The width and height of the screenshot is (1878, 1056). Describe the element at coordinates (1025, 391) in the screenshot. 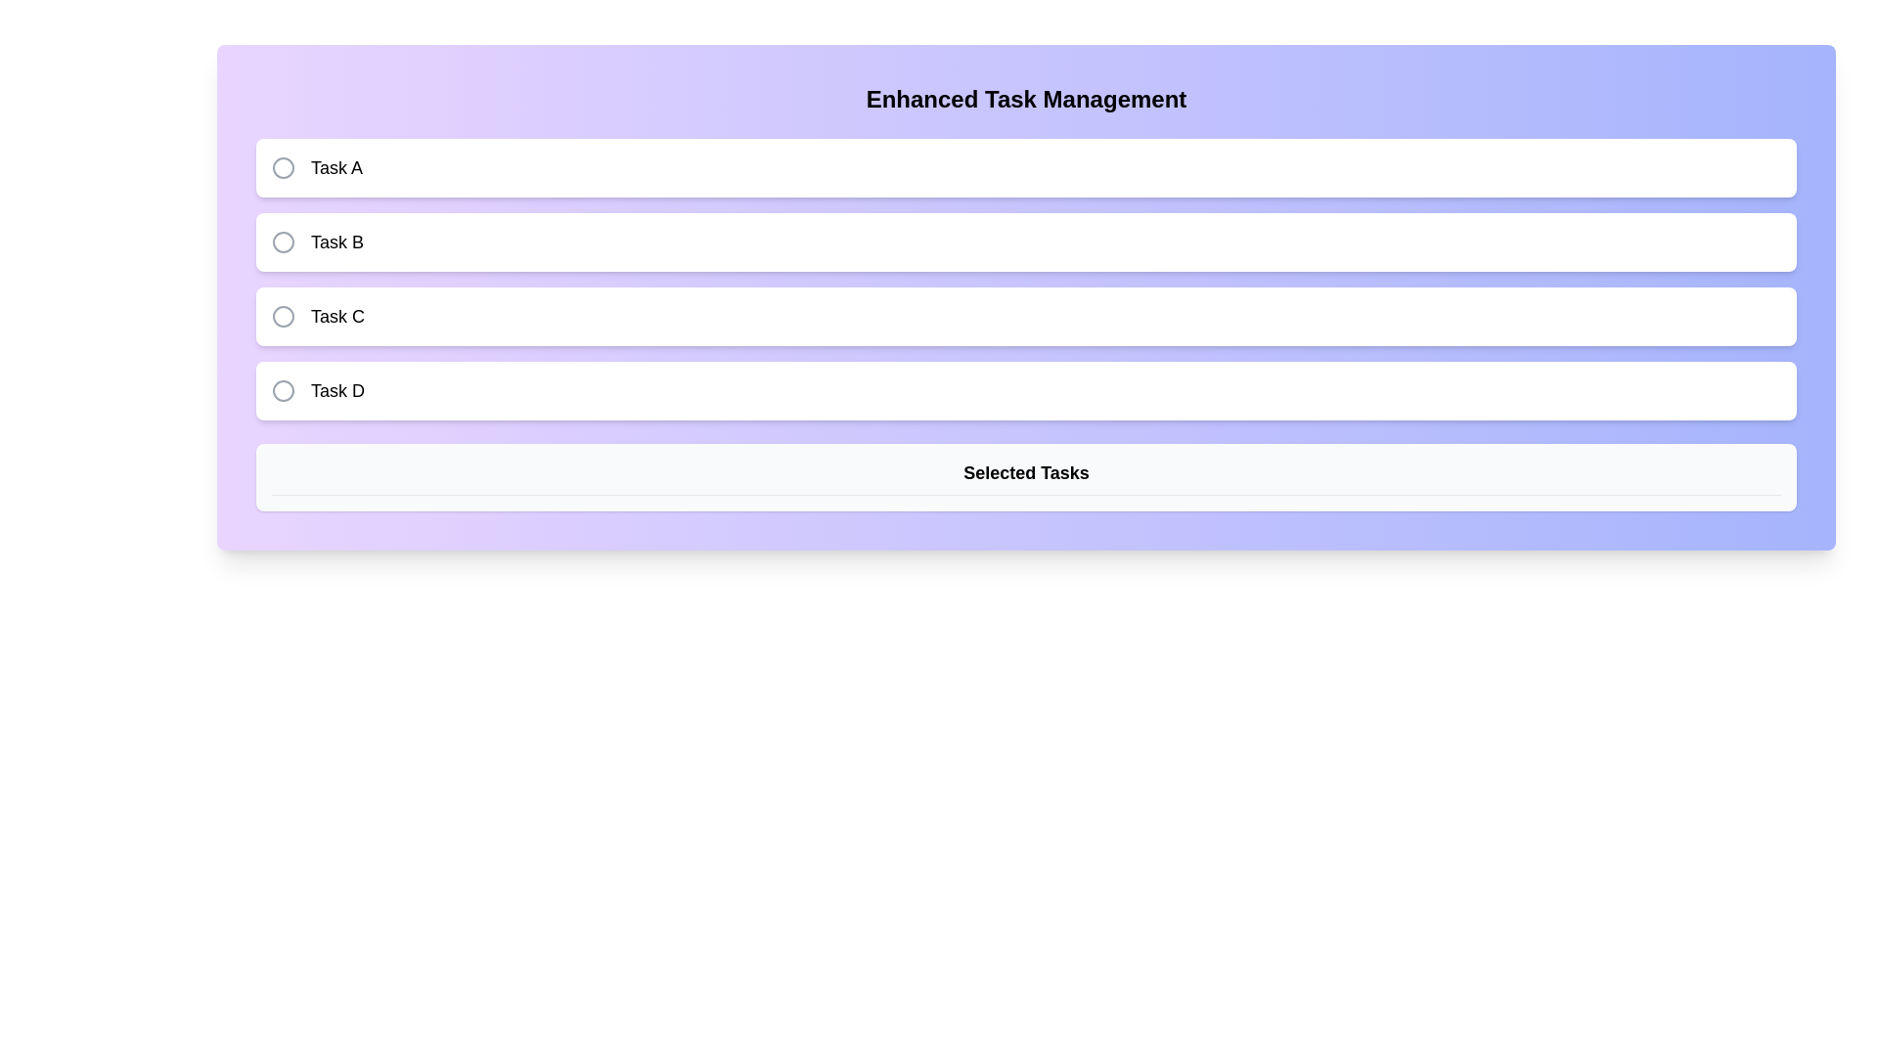

I see `the selectable item labeled 'Task D' in the list` at that location.